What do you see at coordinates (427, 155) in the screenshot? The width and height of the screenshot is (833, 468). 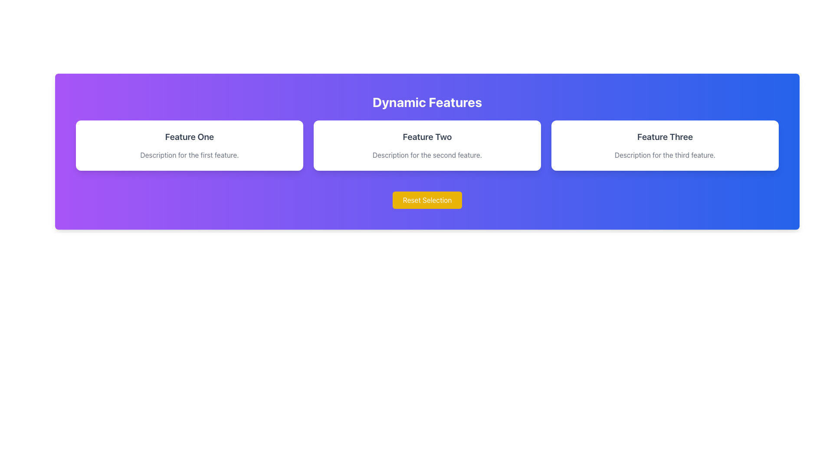 I see `the Text Label that provides a descriptive summary for the 'Feature Two' section, positioned within the second card below the title 'Feature Two'` at bounding box center [427, 155].